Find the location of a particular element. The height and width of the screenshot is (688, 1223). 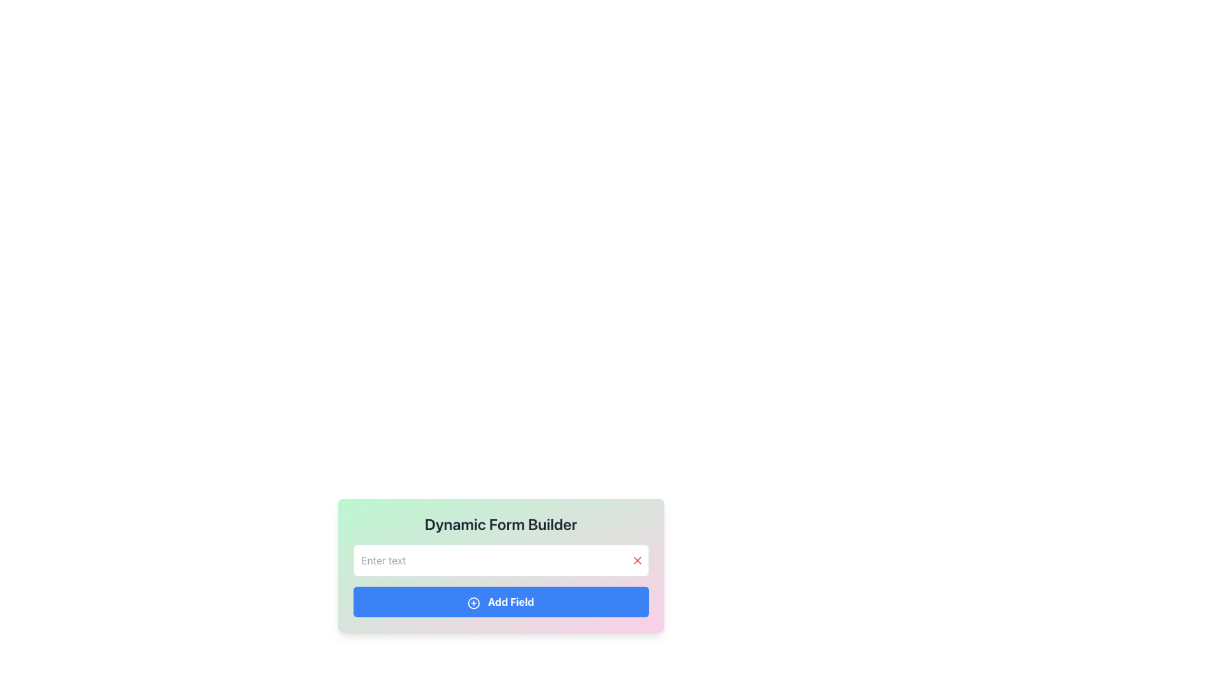

the close icon located at the far right of the text input field to clear the associated text input is located at coordinates (637, 559).